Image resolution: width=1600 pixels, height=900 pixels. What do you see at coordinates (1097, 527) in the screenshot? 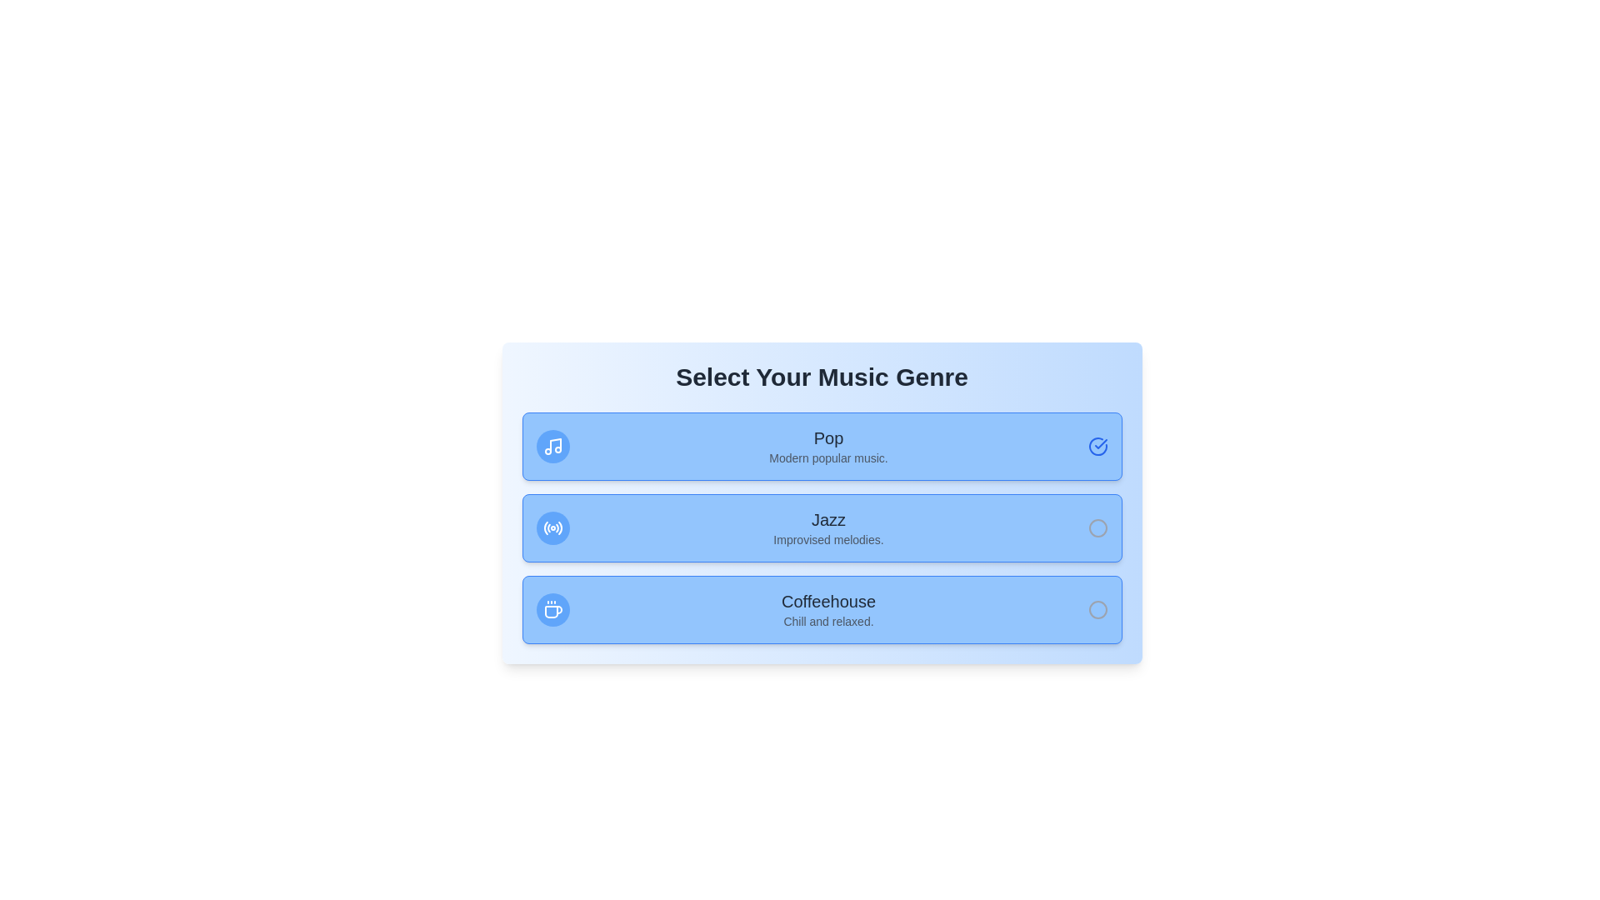
I see `the SVG Circle with a gray stroke located to the right of the 'Jazz' text block within the middle card labeled 'Jazz: Improvised melodies.'` at bounding box center [1097, 527].